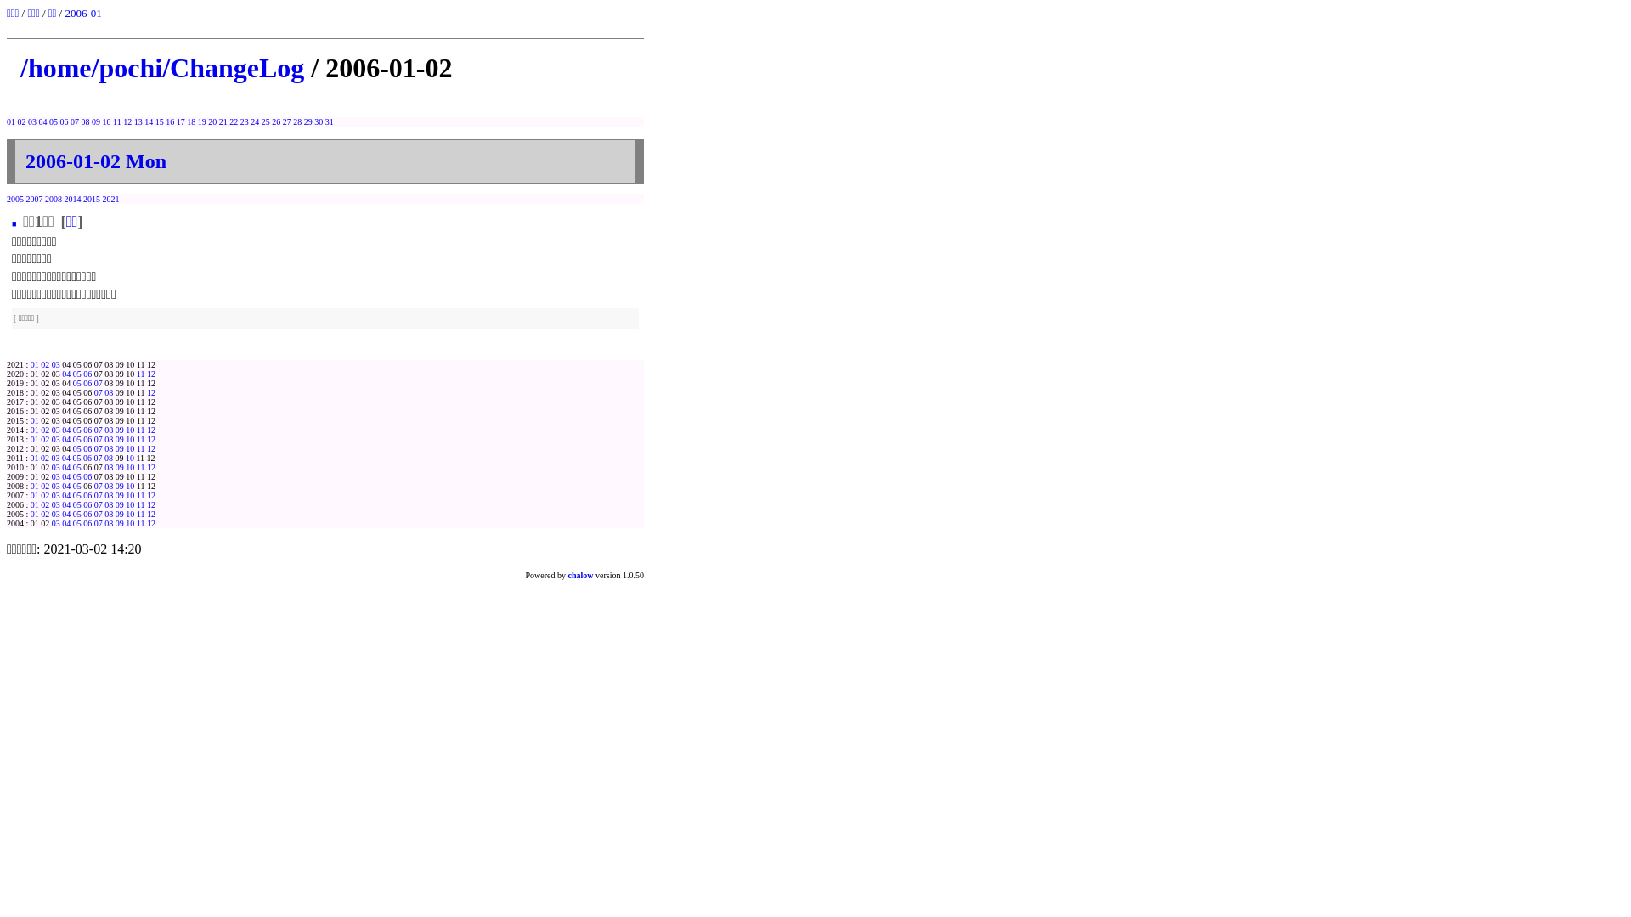 The image size is (1631, 917). I want to click on '09', so click(114, 504).